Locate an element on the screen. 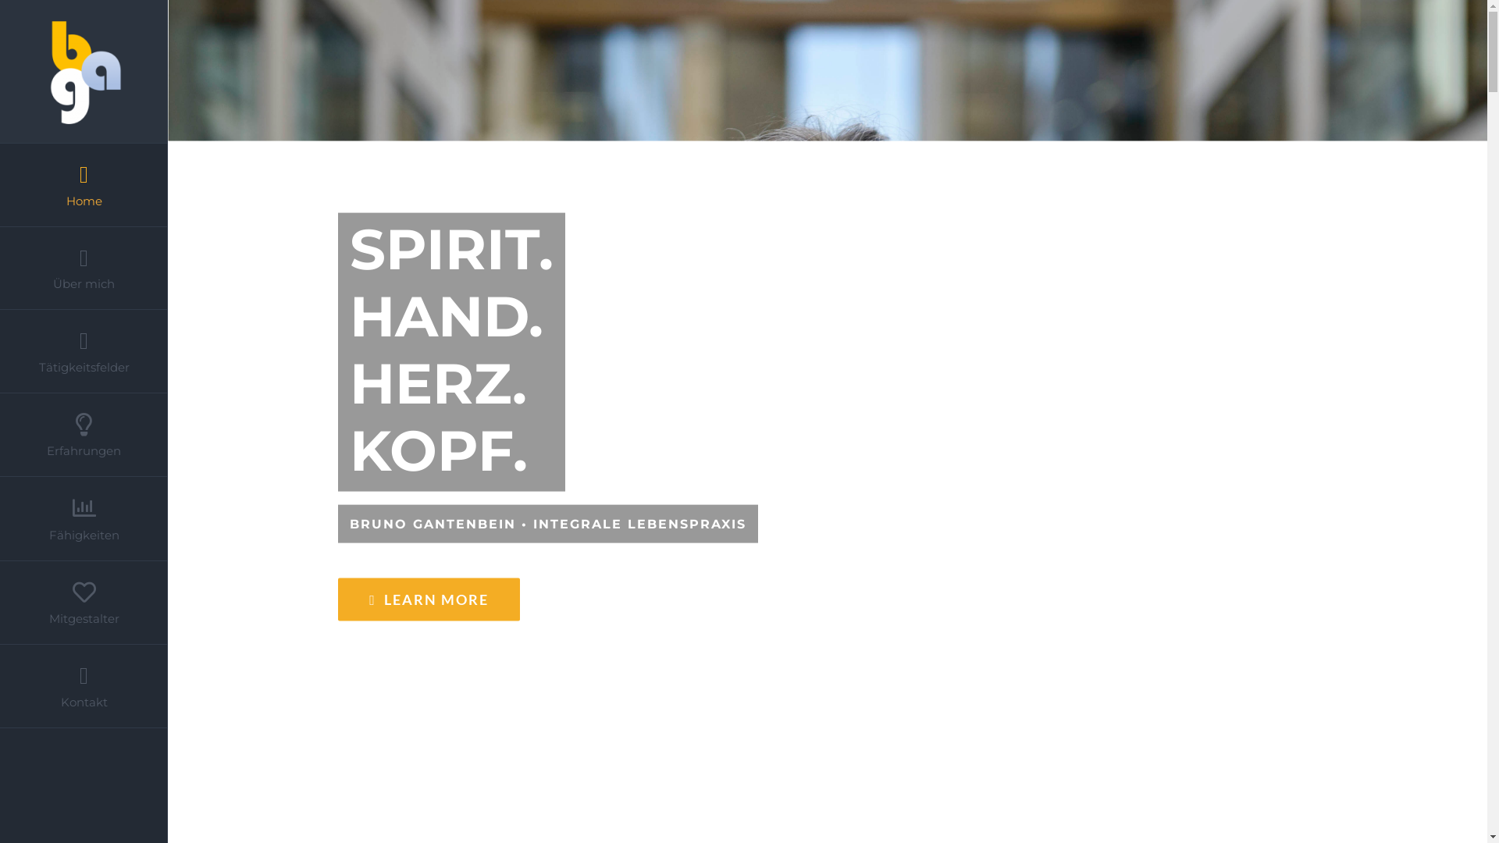 The height and width of the screenshot is (843, 1499). 'Erfahrungen' is located at coordinates (83, 436).